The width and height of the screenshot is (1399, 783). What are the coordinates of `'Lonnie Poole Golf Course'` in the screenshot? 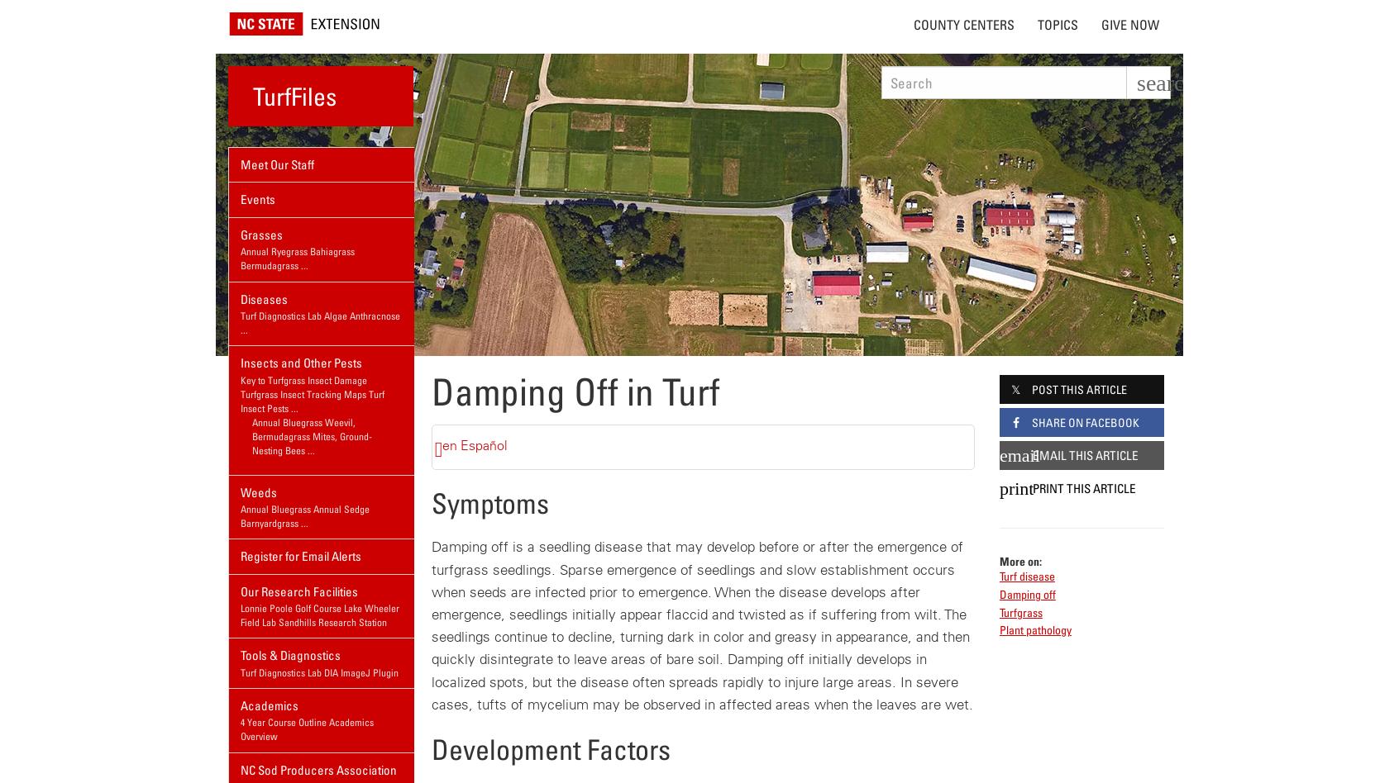 It's located at (289, 608).